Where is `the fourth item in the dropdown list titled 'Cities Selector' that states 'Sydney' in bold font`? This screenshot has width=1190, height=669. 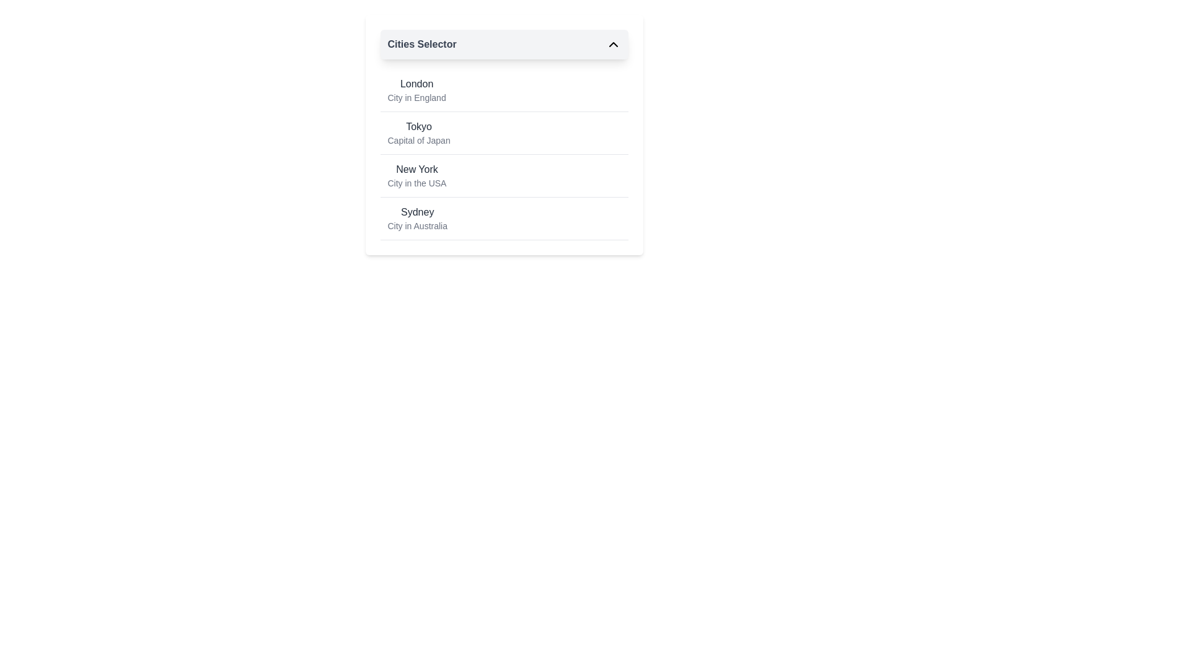 the fourth item in the dropdown list titled 'Cities Selector' that states 'Sydney' in bold font is located at coordinates (504, 218).